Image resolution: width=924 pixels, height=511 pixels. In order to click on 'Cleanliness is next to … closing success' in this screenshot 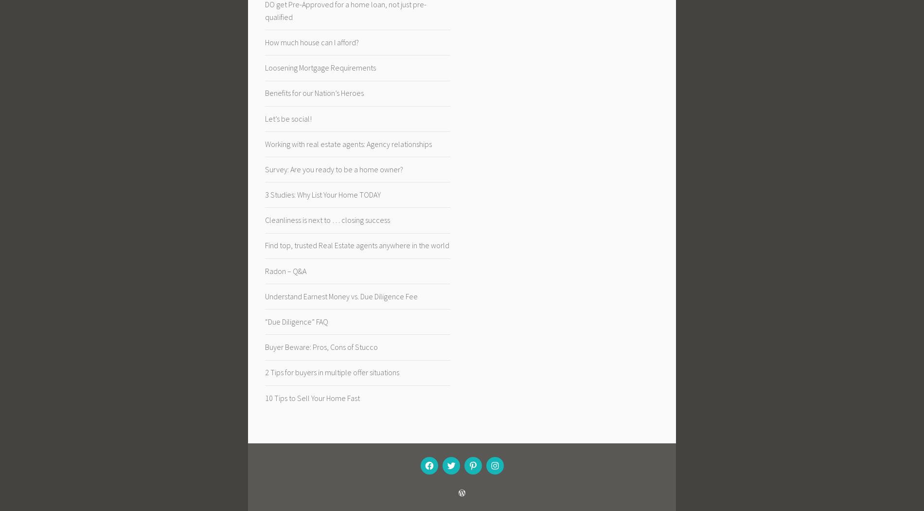, I will do `click(327, 220)`.